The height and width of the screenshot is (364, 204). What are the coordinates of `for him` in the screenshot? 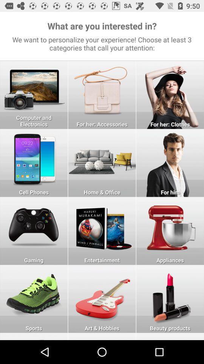 It's located at (170, 163).